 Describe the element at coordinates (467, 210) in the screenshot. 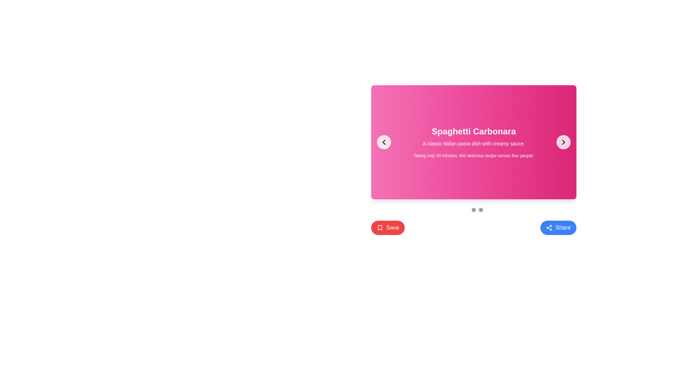

I see `the first white circular indicator dot located below the pink card in the carousel navigation` at that location.